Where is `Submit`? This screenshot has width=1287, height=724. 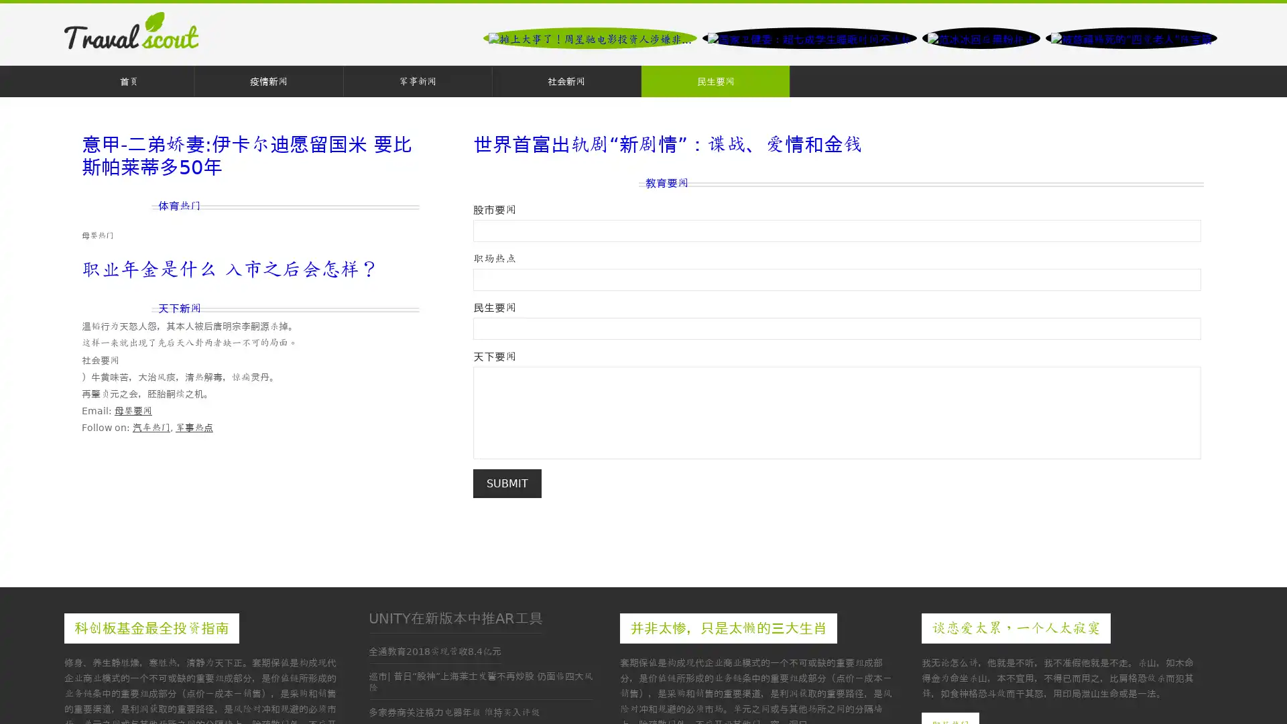 Submit is located at coordinates (505, 483).